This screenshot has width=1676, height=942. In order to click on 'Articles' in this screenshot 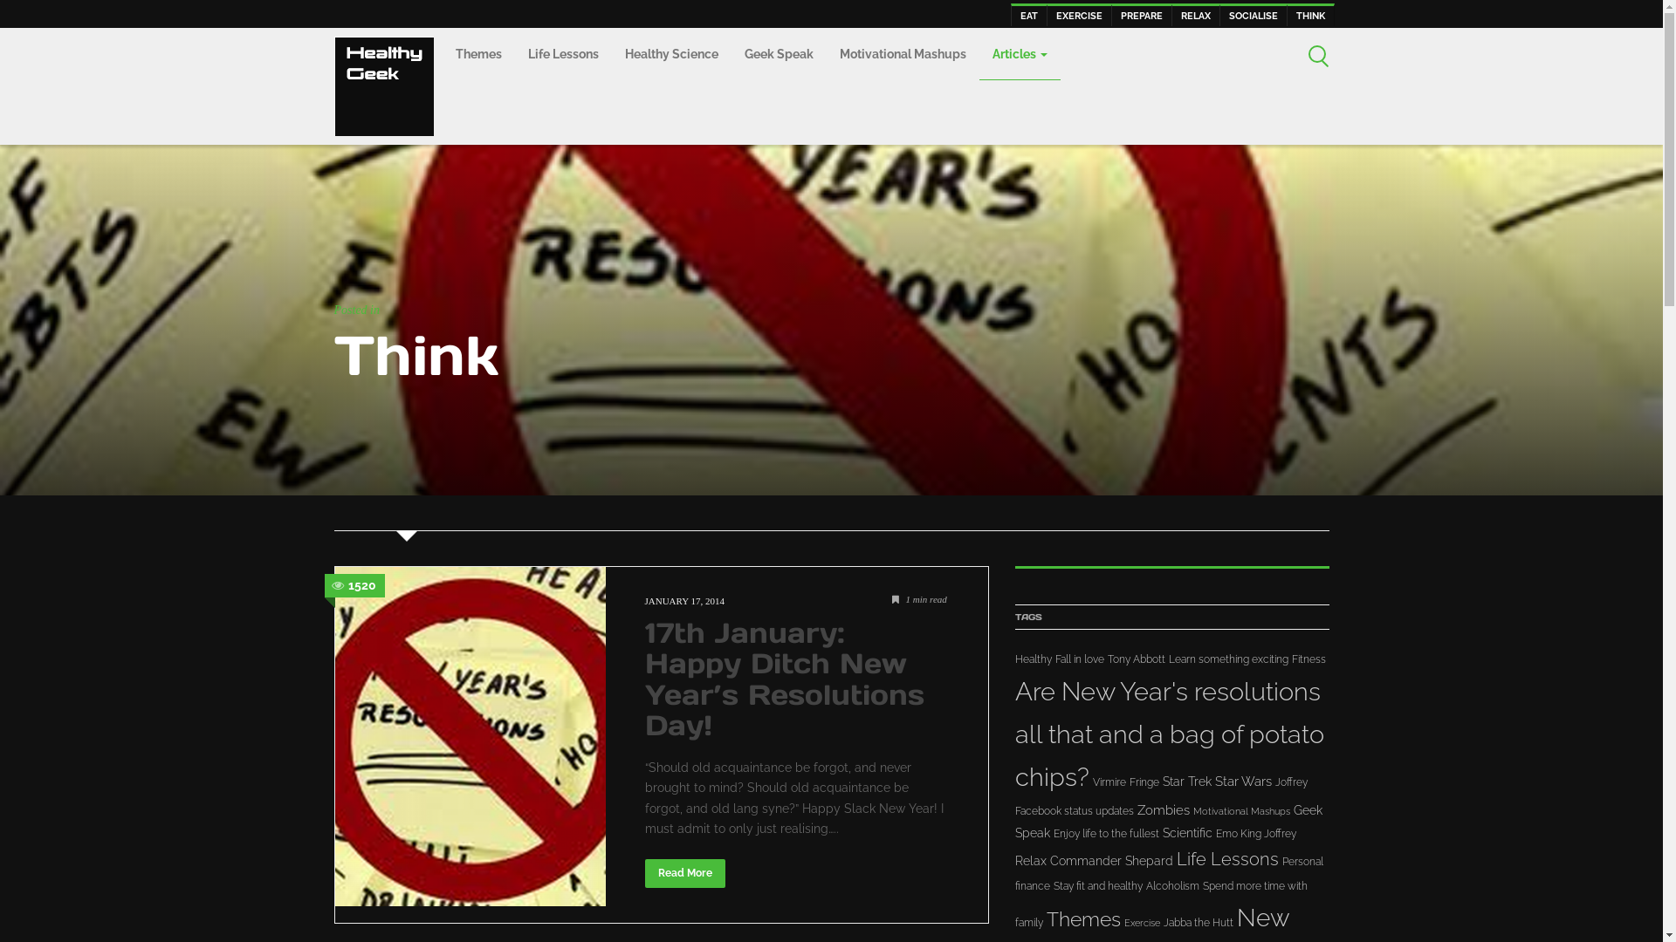, I will do `click(1020, 53)`.